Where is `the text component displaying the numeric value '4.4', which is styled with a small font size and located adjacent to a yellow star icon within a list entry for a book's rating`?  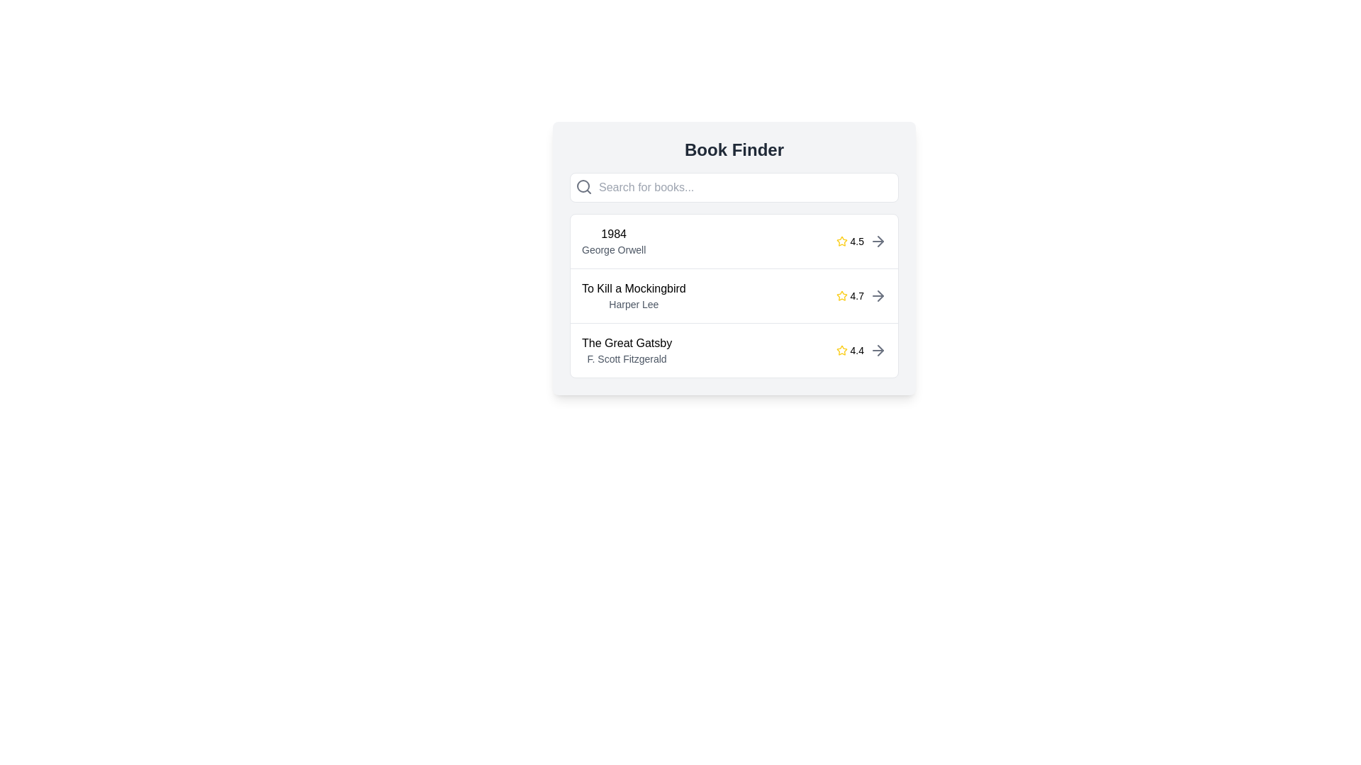 the text component displaying the numeric value '4.4', which is styled with a small font size and located adjacent to a yellow star icon within a list entry for a book's rating is located at coordinates (856, 350).